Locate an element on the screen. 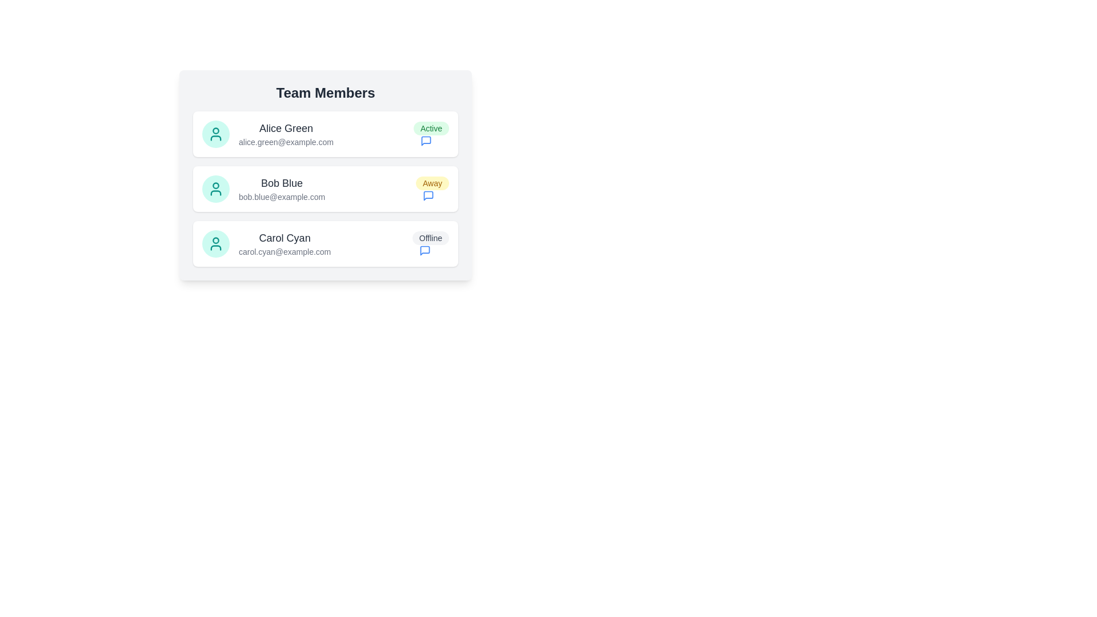 This screenshot has width=1097, height=617. the static SVG icon representing user 'Carol Cyan' in the third card of the 'Team Members' list is located at coordinates (216, 243).